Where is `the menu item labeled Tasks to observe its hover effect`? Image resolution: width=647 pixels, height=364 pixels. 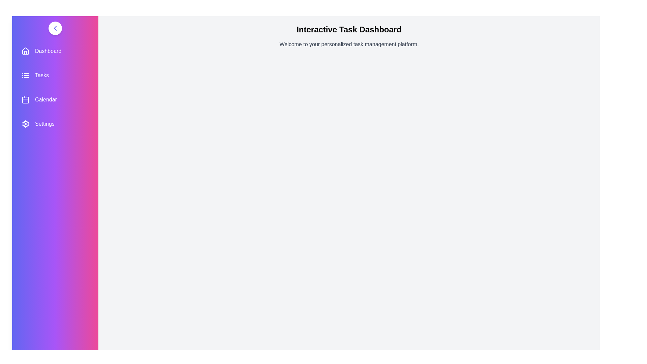 the menu item labeled Tasks to observe its hover effect is located at coordinates (55, 75).